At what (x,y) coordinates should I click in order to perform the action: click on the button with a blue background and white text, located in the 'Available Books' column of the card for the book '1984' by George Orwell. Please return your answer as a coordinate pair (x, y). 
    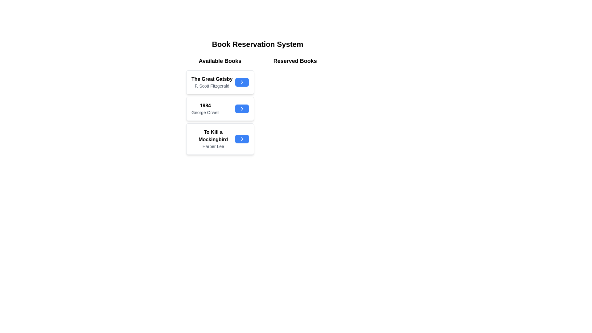
    Looking at the image, I should click on (241, 109).